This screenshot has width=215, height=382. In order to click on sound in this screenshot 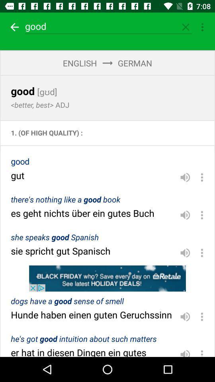, I will do `click(185, 317)`.